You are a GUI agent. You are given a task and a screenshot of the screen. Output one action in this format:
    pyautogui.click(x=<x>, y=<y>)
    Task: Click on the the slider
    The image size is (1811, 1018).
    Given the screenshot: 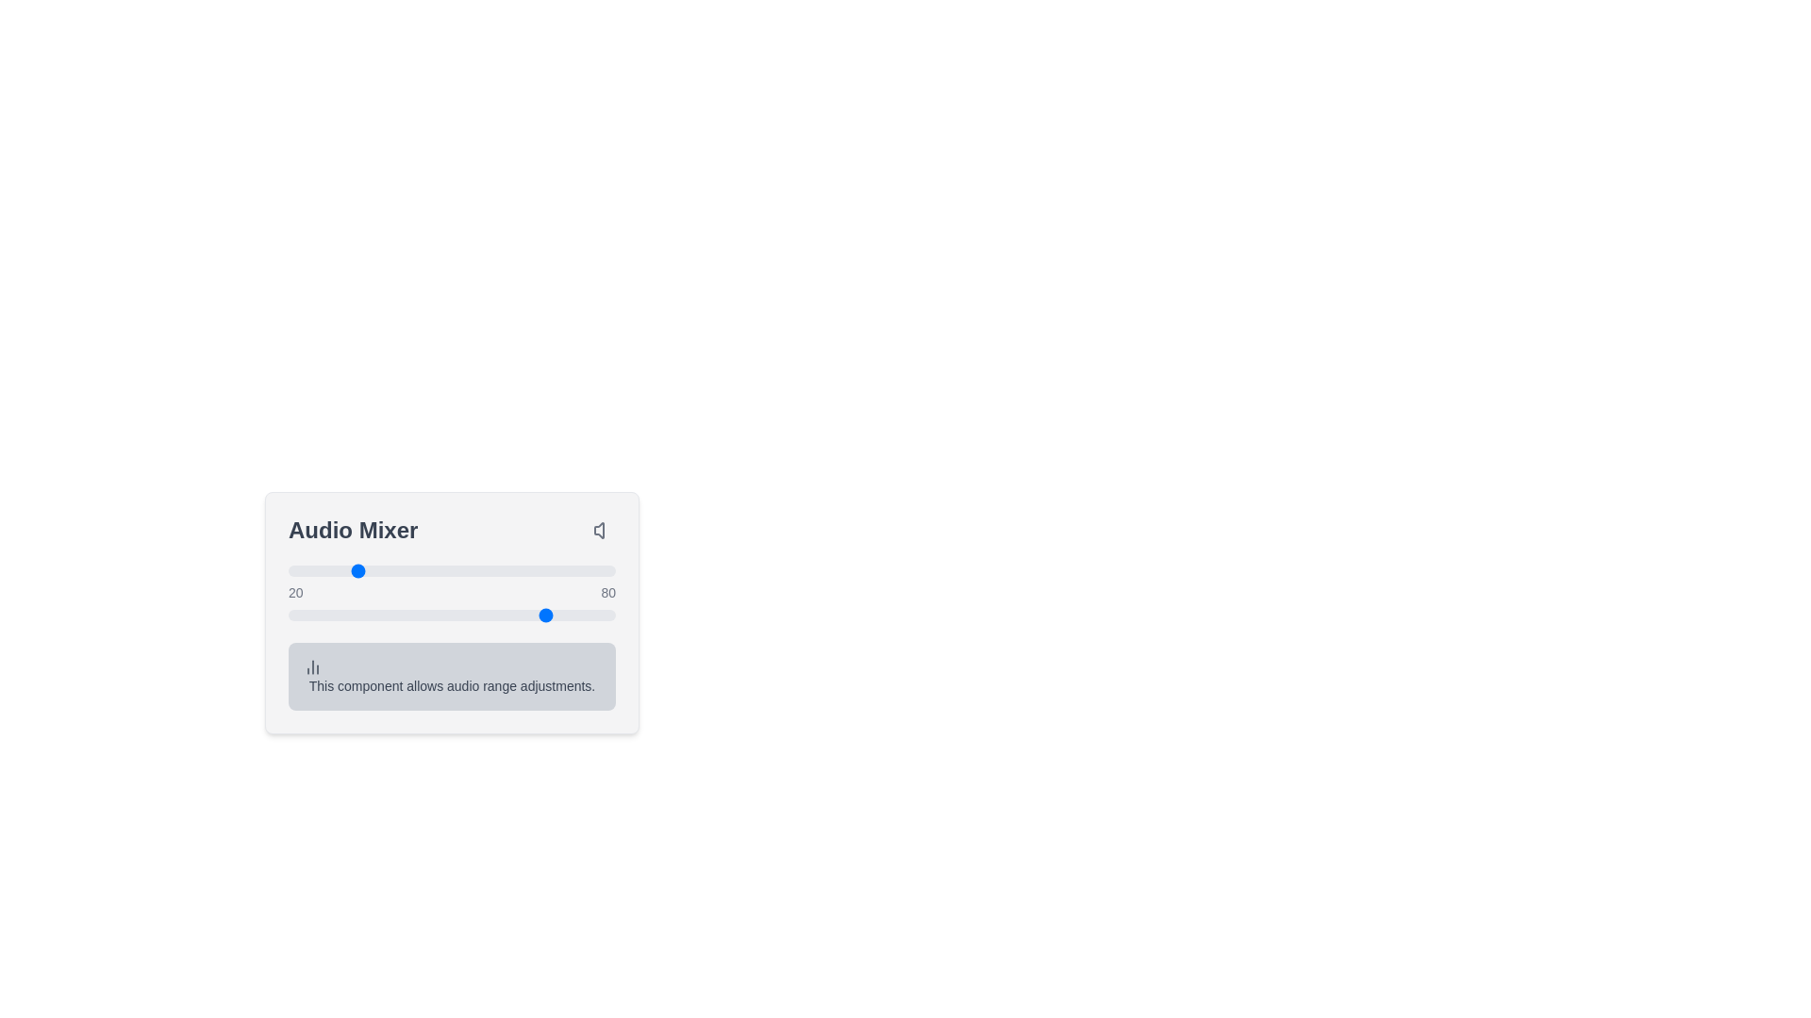 What is the action you would take?
    pyautogui.click(x=572, y=569)
    